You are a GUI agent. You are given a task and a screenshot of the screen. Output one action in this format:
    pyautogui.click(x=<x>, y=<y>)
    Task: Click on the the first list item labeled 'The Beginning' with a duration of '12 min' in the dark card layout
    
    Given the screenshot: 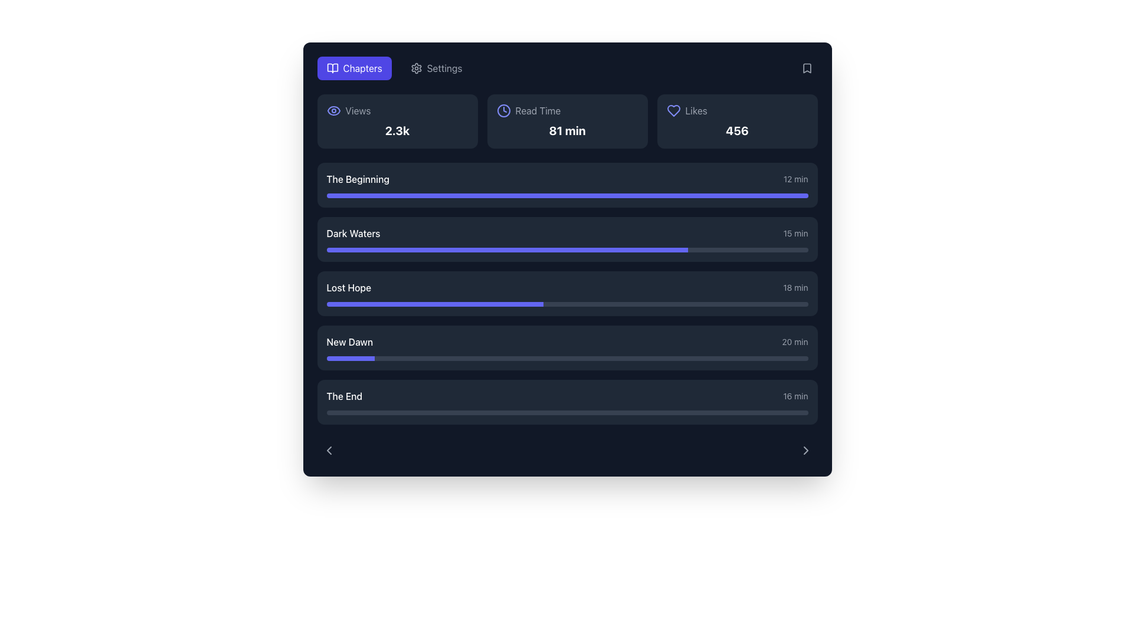 What is the action you would take?
    pyautogui.click(x=567, y=179)
    